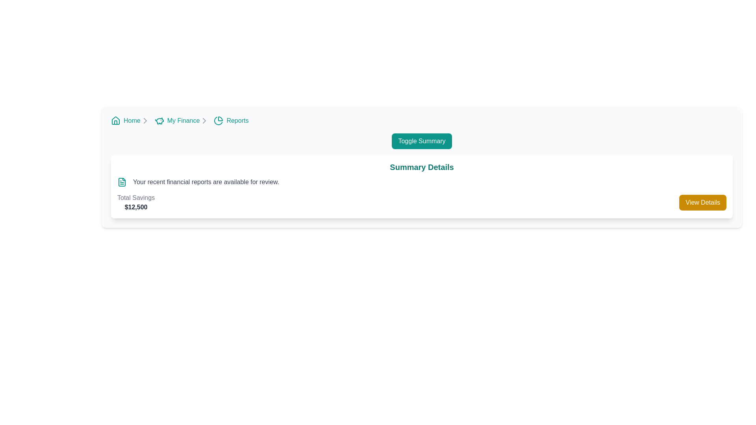 The image size is (756, 425). Describe the element at coordinates (115, 121) in the screenshot. I see `the home navigation icon located on the left-hand side of the navigation bar` at that location.